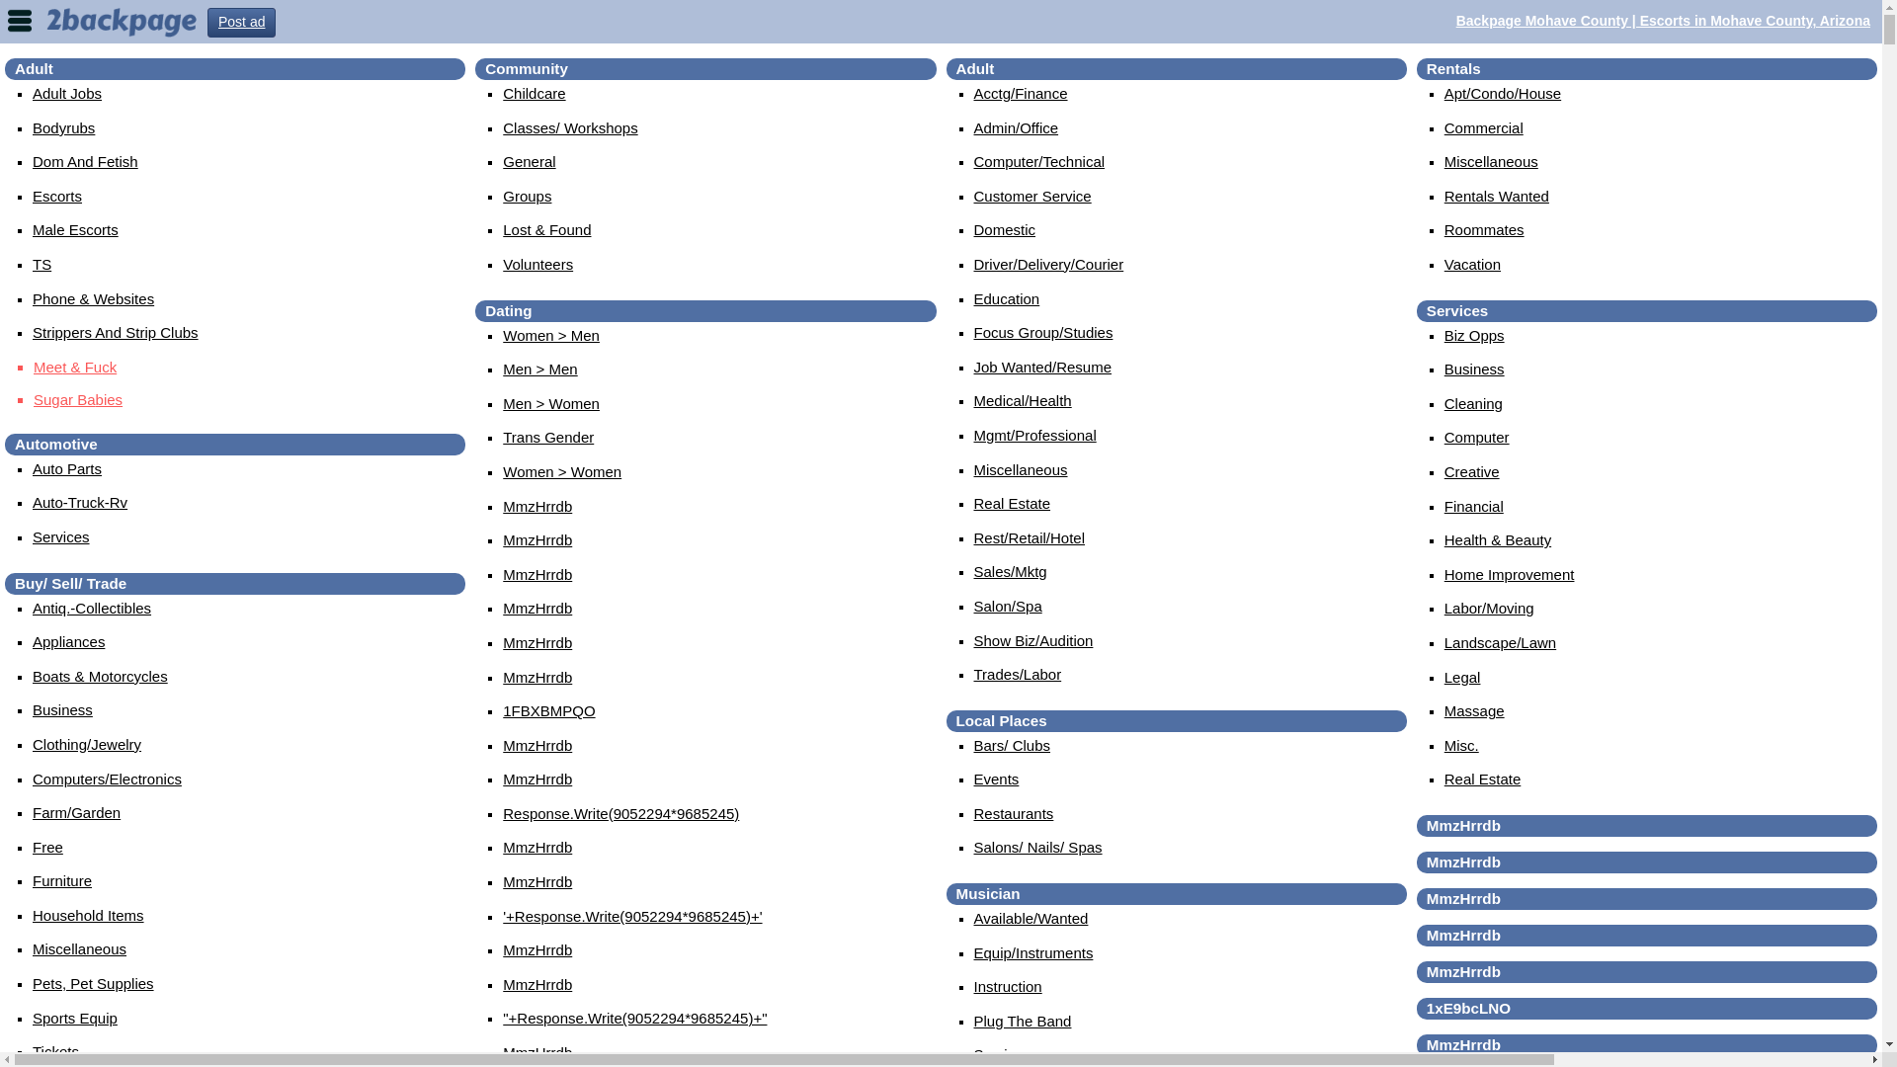 The image size is (1897, 1067). I want to click on 'Medical/Health', so click(1023, 400).